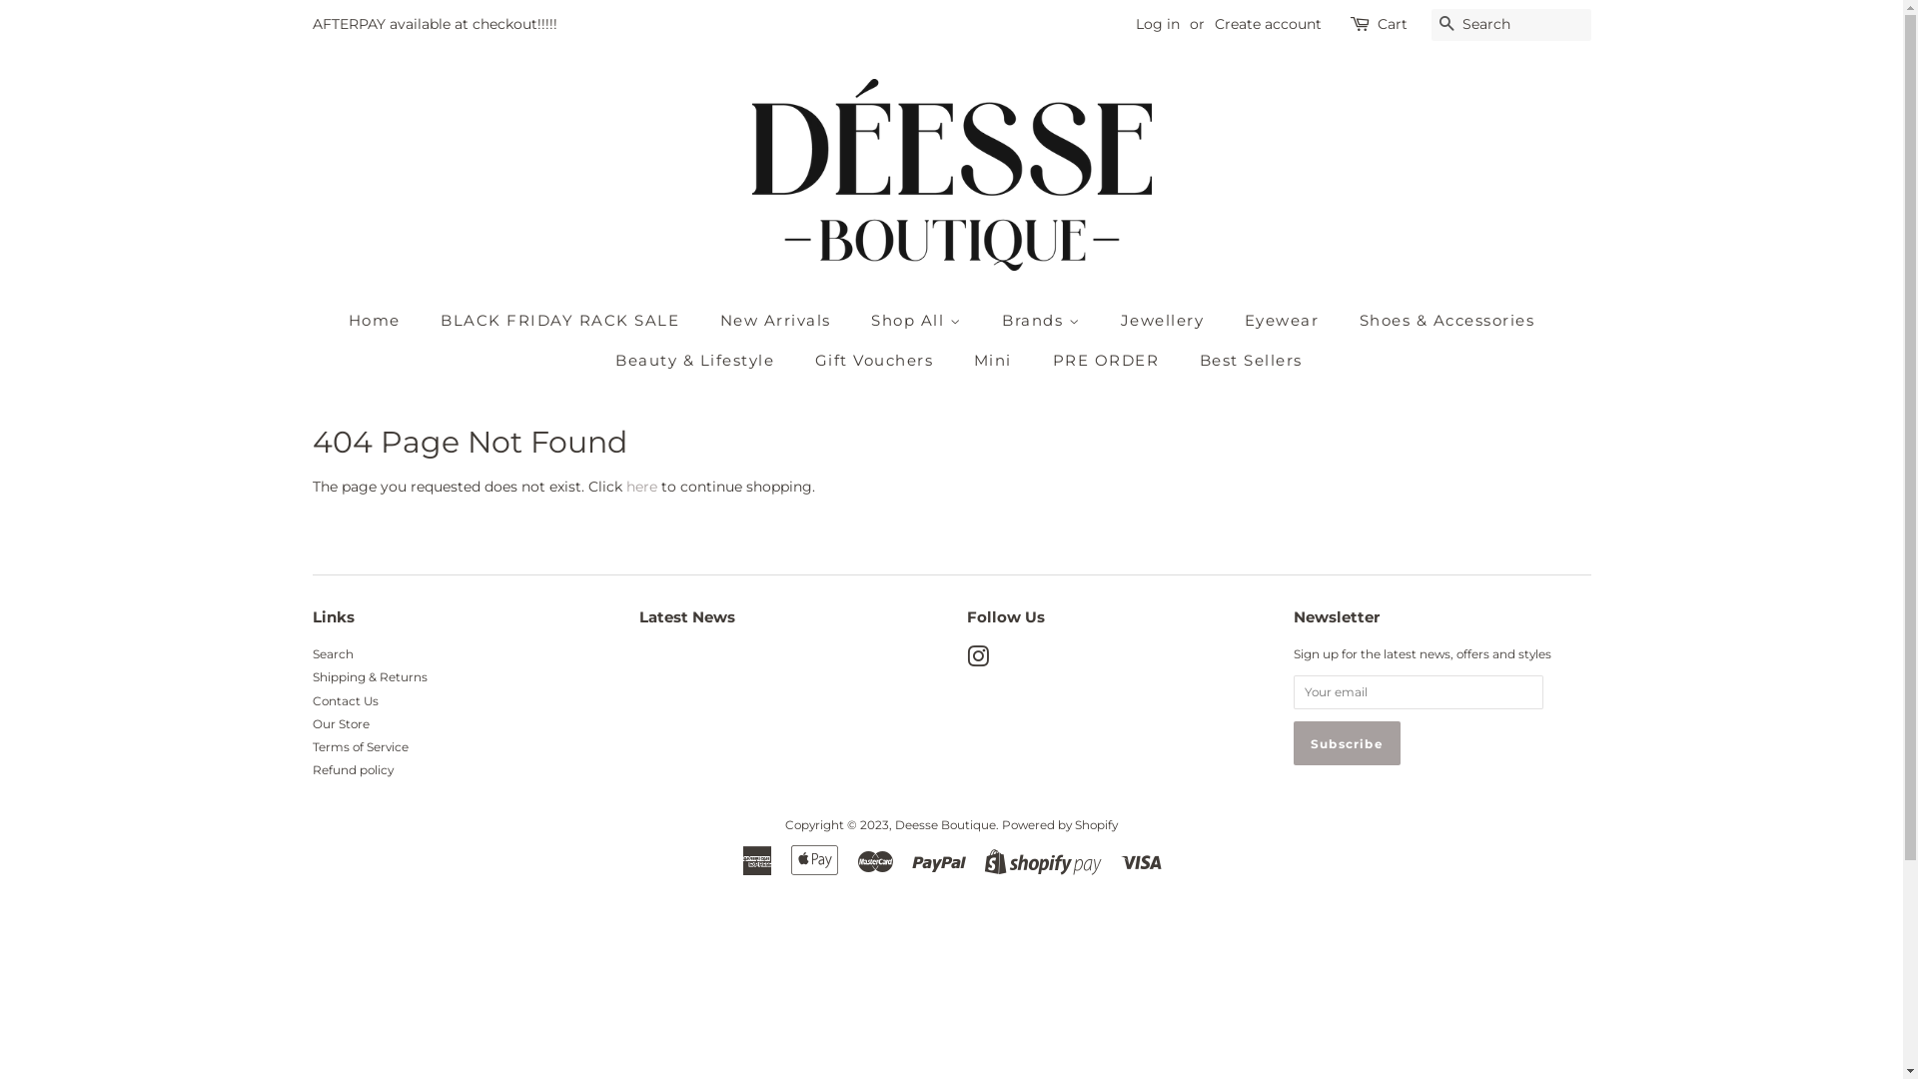  I want to click on 'here', so click(623, 486).